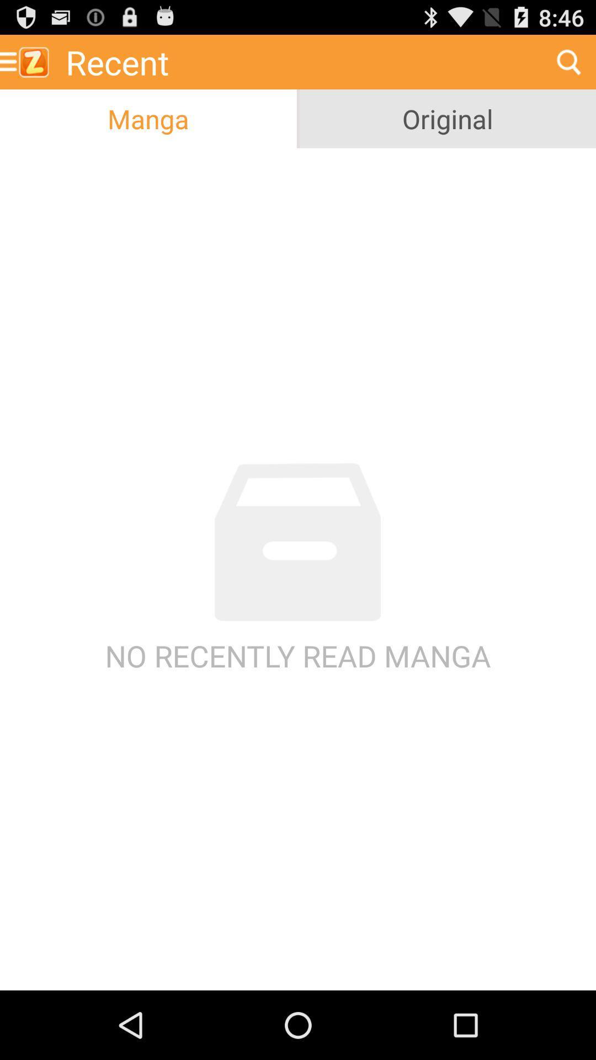 The image size is (596, 1060). I want to click on the icon next to recent, so click(568, 61).